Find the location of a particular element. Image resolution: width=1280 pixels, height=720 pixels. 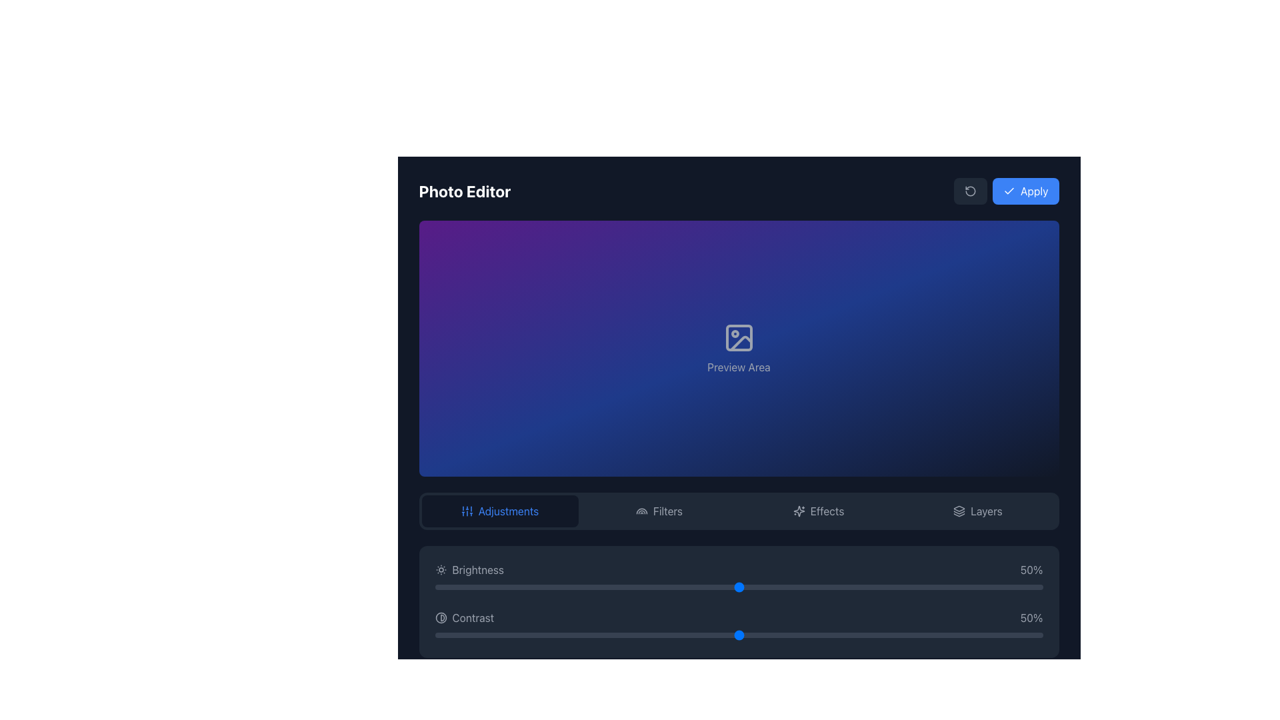

the text label inside the selectable button on the leftmost side of the segmented control bar is located at coordinates (508, 511).